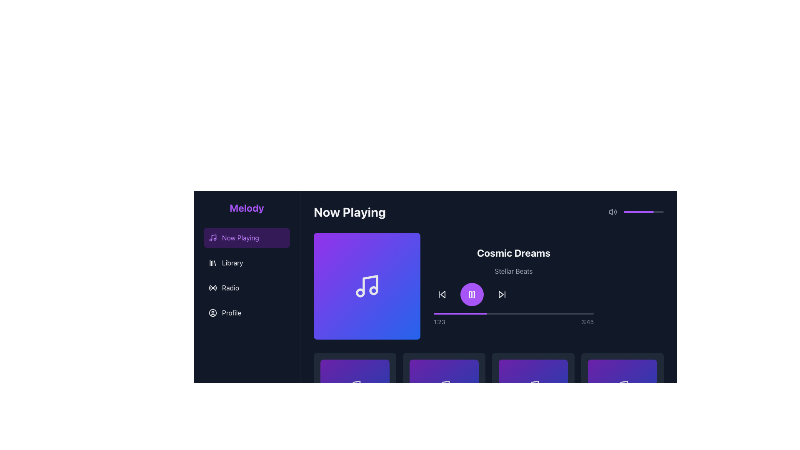  Describe the element at coordinates (232, 263) in the screenshot. I see `the 'Library' text label located in the middle-right area of the menu item` at that location.